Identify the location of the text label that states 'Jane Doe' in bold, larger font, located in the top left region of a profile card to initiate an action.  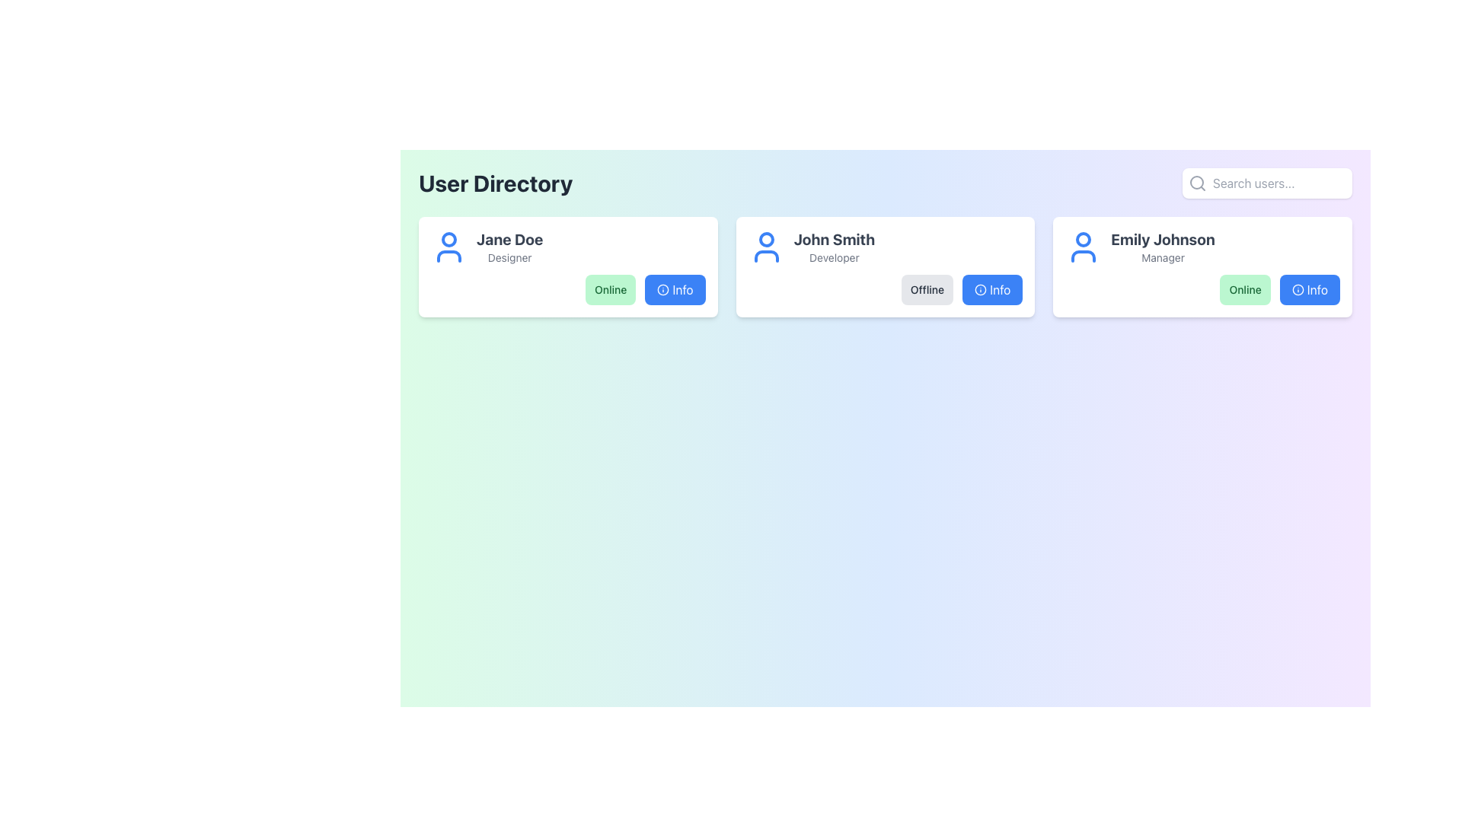
(509, 240).